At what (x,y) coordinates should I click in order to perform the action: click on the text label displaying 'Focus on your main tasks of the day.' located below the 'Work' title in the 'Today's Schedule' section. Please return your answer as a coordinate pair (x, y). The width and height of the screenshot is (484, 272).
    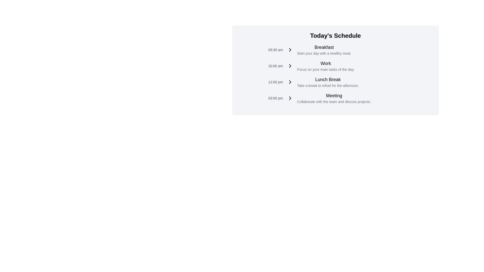
    Looking at the image, I should click on (326, 70).